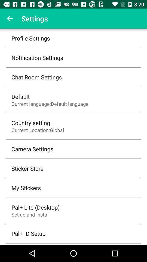 The height and width of the screenshot is (262, 147). Describe the element at coordinates (10, 19) in the screenshot. I see `the item to the left of the settings item` at that location.